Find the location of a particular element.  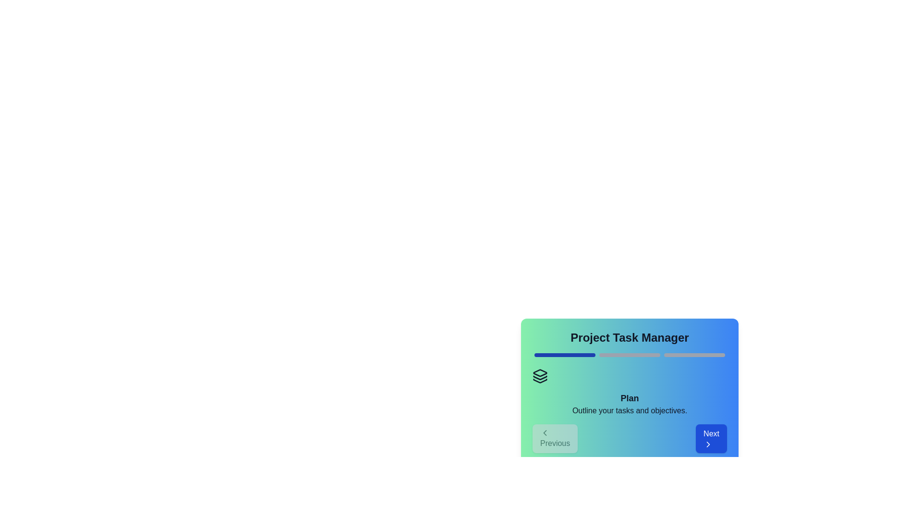

the 'Next' button to navigate to the next step is located at coordinates (711, 439).